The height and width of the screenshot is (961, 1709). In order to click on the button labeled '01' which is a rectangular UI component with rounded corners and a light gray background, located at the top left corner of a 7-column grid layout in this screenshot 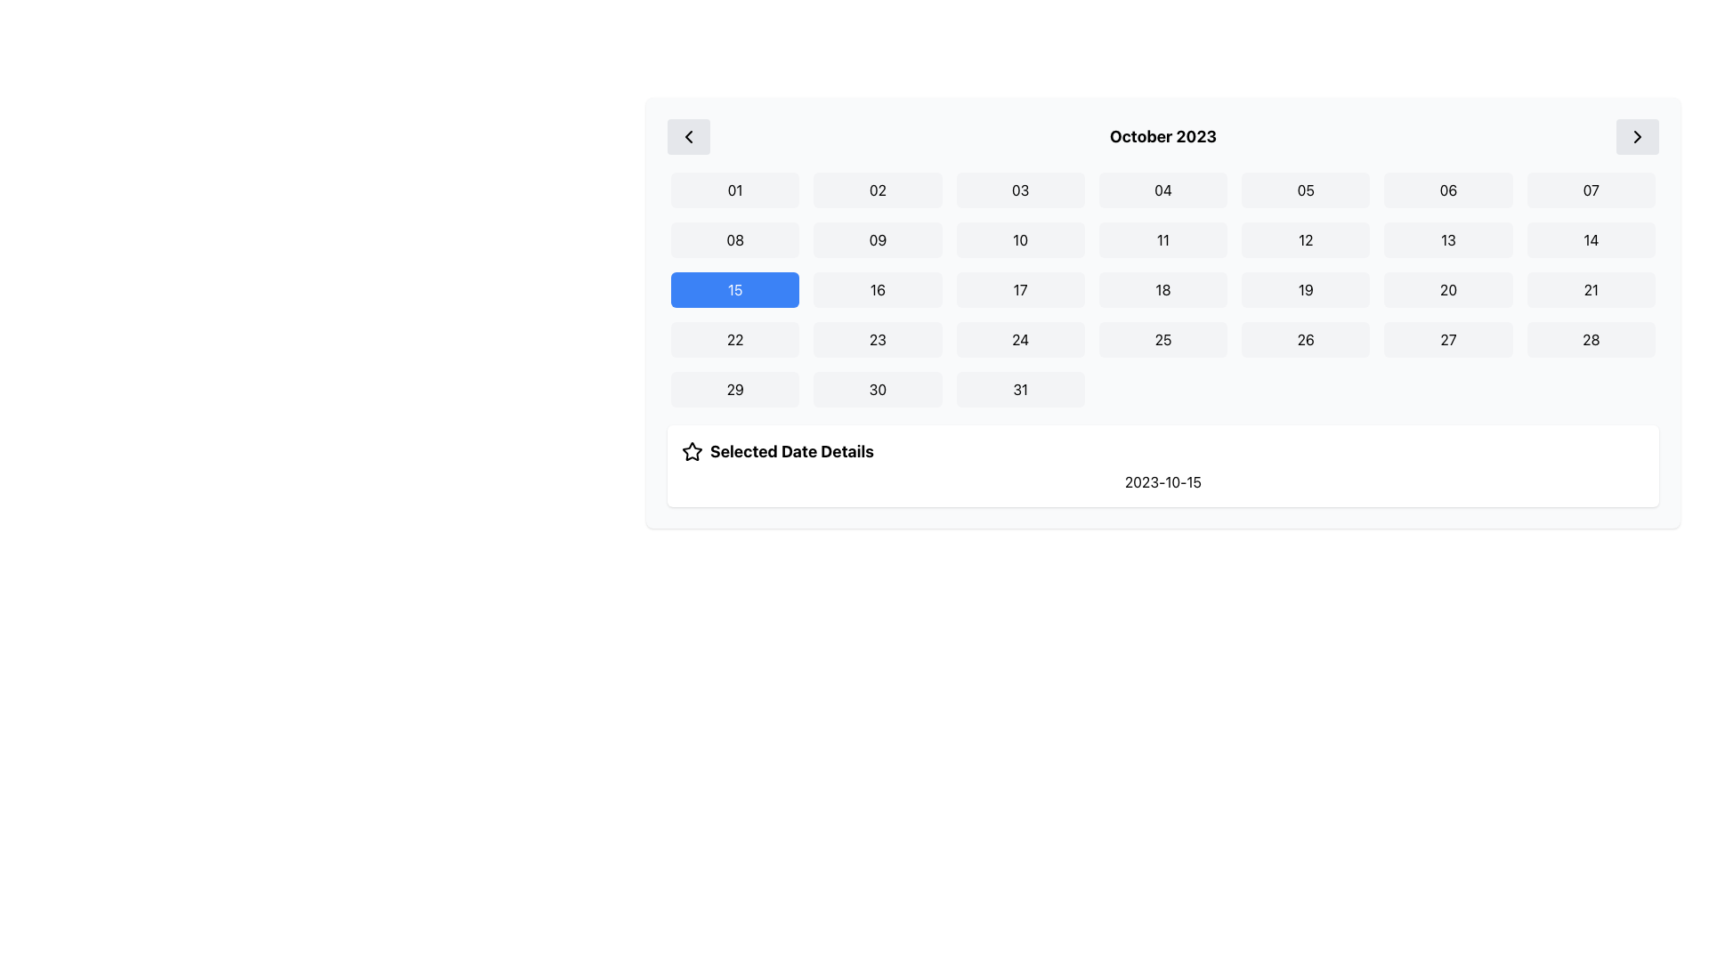, I will do `click(735, 190)`.